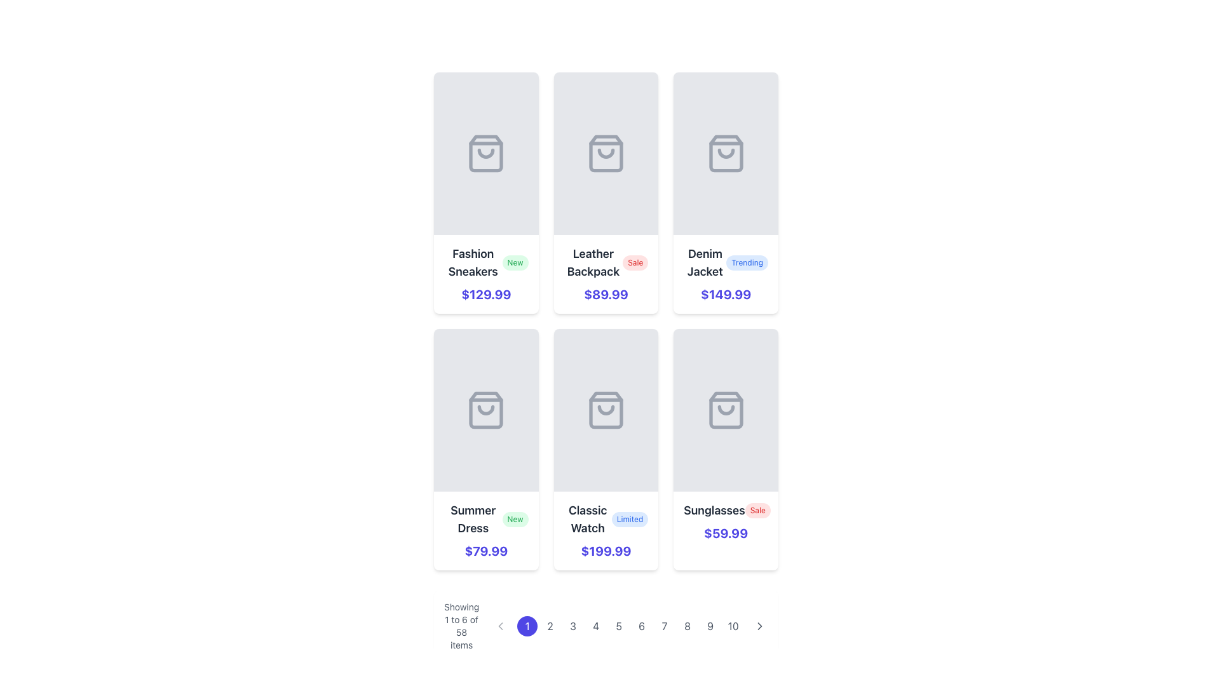 Image resolution: width=1220 pixels, height=686 pixels. I want to click on the chevron icon in the bottom-left section of the interface, so click(500, 626).